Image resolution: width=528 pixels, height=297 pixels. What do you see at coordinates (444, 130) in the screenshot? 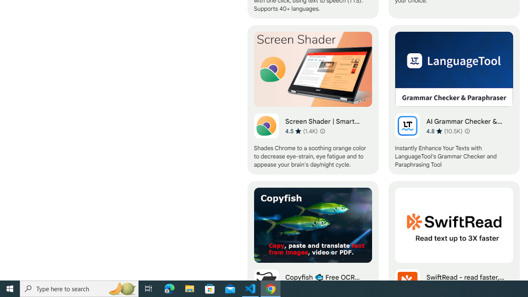
I see `'Average rating 4.8 out of 5 stars. 10.5K ratings.'` at bounding box center [444, 130].